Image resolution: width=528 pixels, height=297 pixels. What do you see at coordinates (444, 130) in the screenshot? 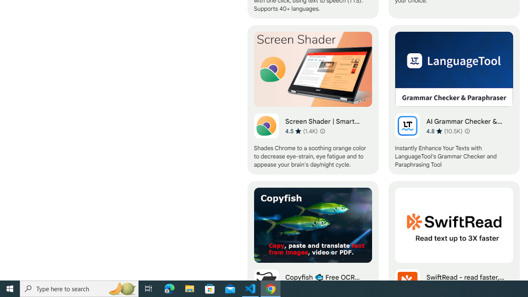
I see `'Average rating 4.8 out of 5 stars. 10.5K ratings.'` at bounding box center [444, 130].